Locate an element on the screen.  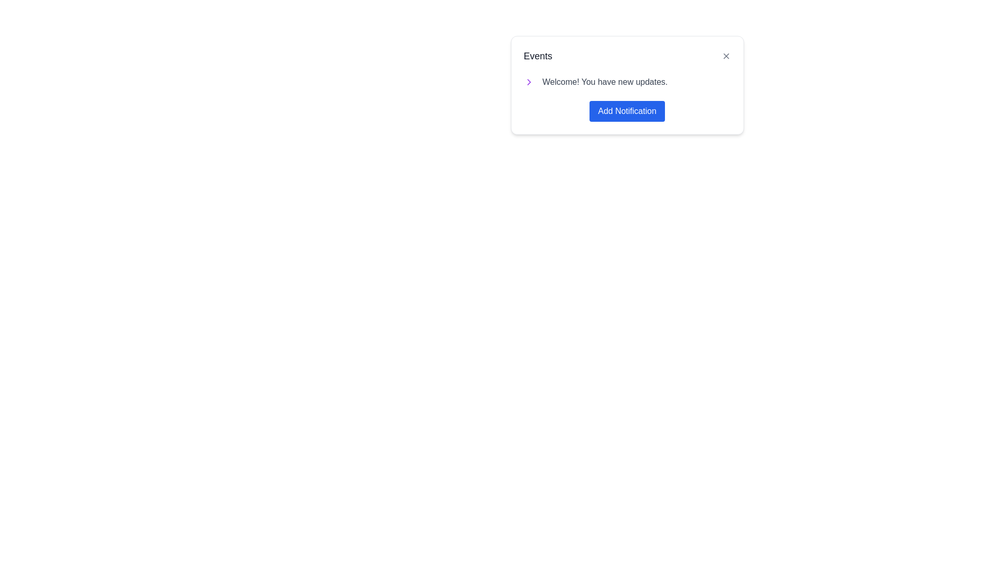
the text display with the message 'Welcome! You have new updates.' located under the heading 'Events' is located at coordinates (626, 82).